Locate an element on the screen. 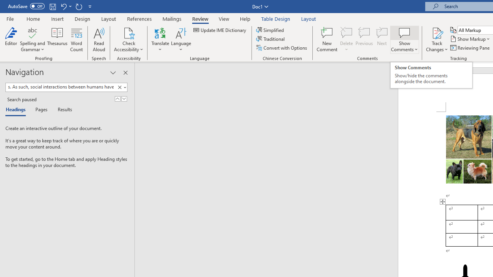 This screenshot has height=277, width=493. 'Simplified' is located at coordinates (270, 30).